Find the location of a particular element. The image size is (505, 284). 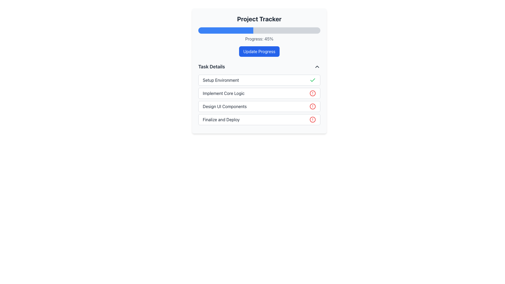

alert icon indicating an error related to the 'Design UI Components' task, located to the right of the corresponding text in the third row of the task list in the 'Task Details' section is located at coordinates (313, 106).